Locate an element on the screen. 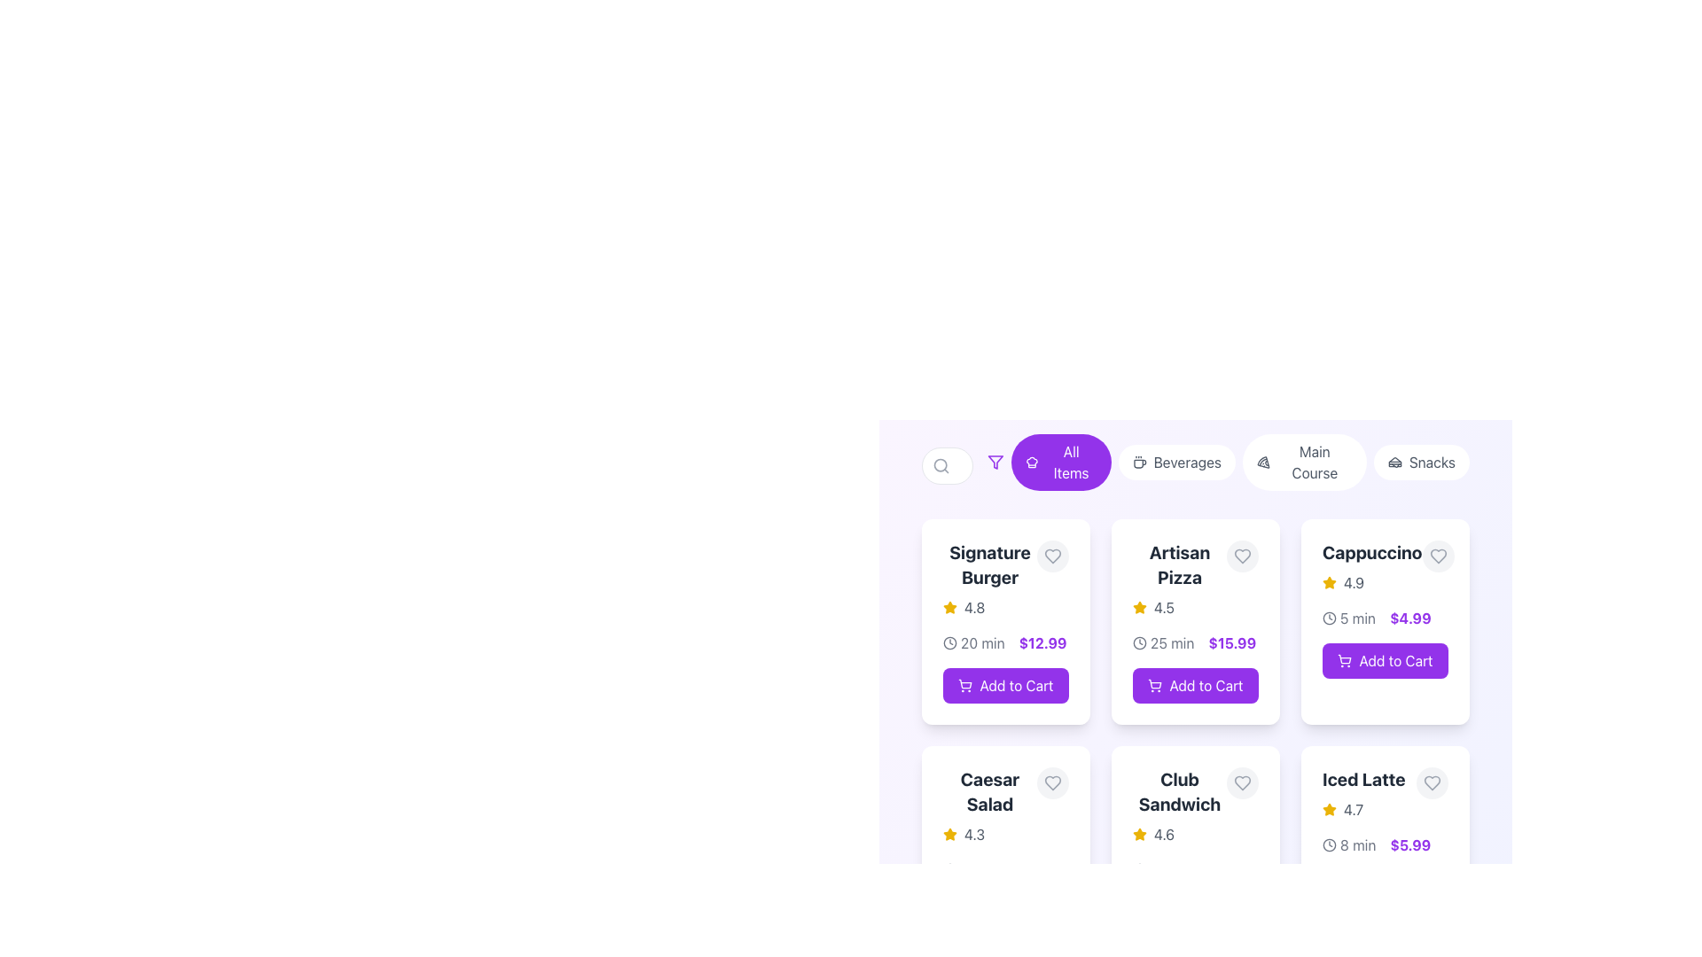 The image size is (1702, 957). estimated preparation or delivery time displayed in the Text label for 'Artisan Pizza', located in the second card from the left on the top row of the grid layout is located at coordinates (1172, 642).